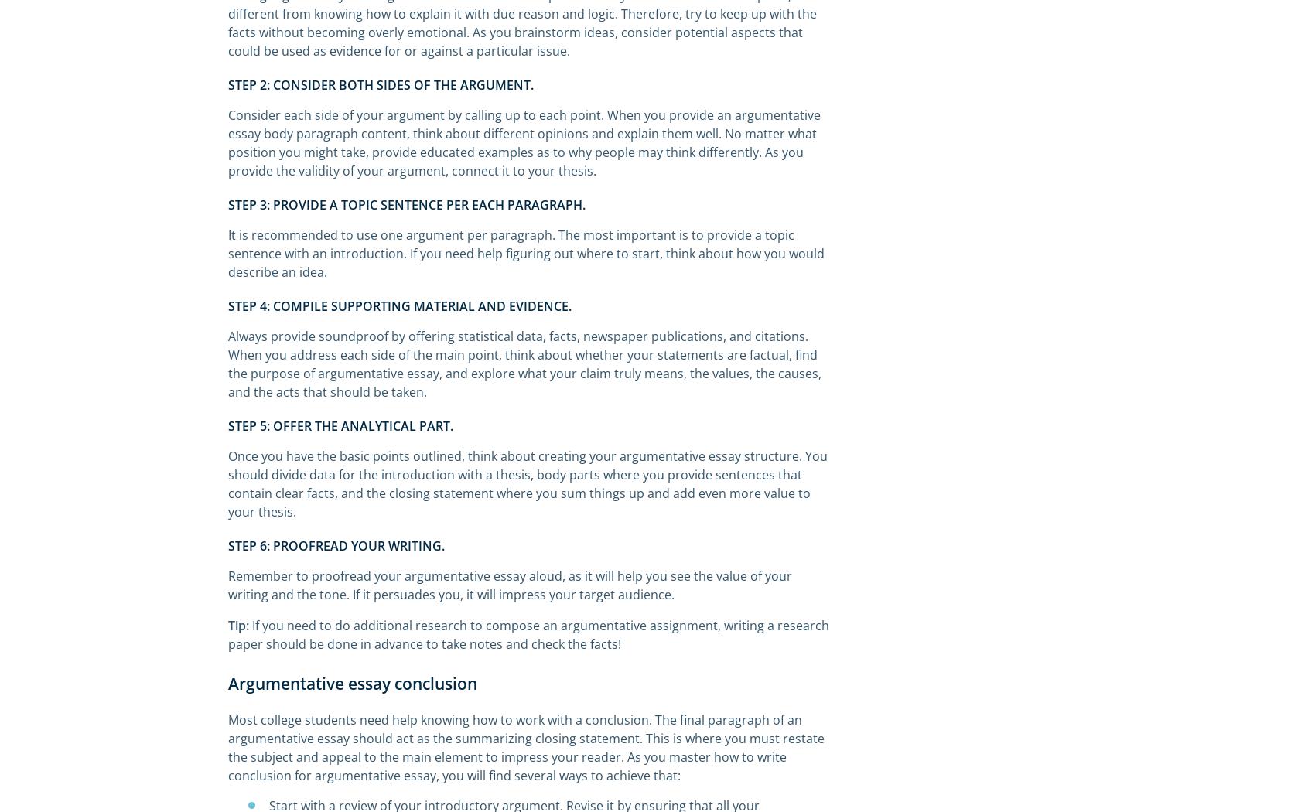 The height and width of the screenshot is (812, 1315). I want to click on 'Tip:', so click(227, 625).